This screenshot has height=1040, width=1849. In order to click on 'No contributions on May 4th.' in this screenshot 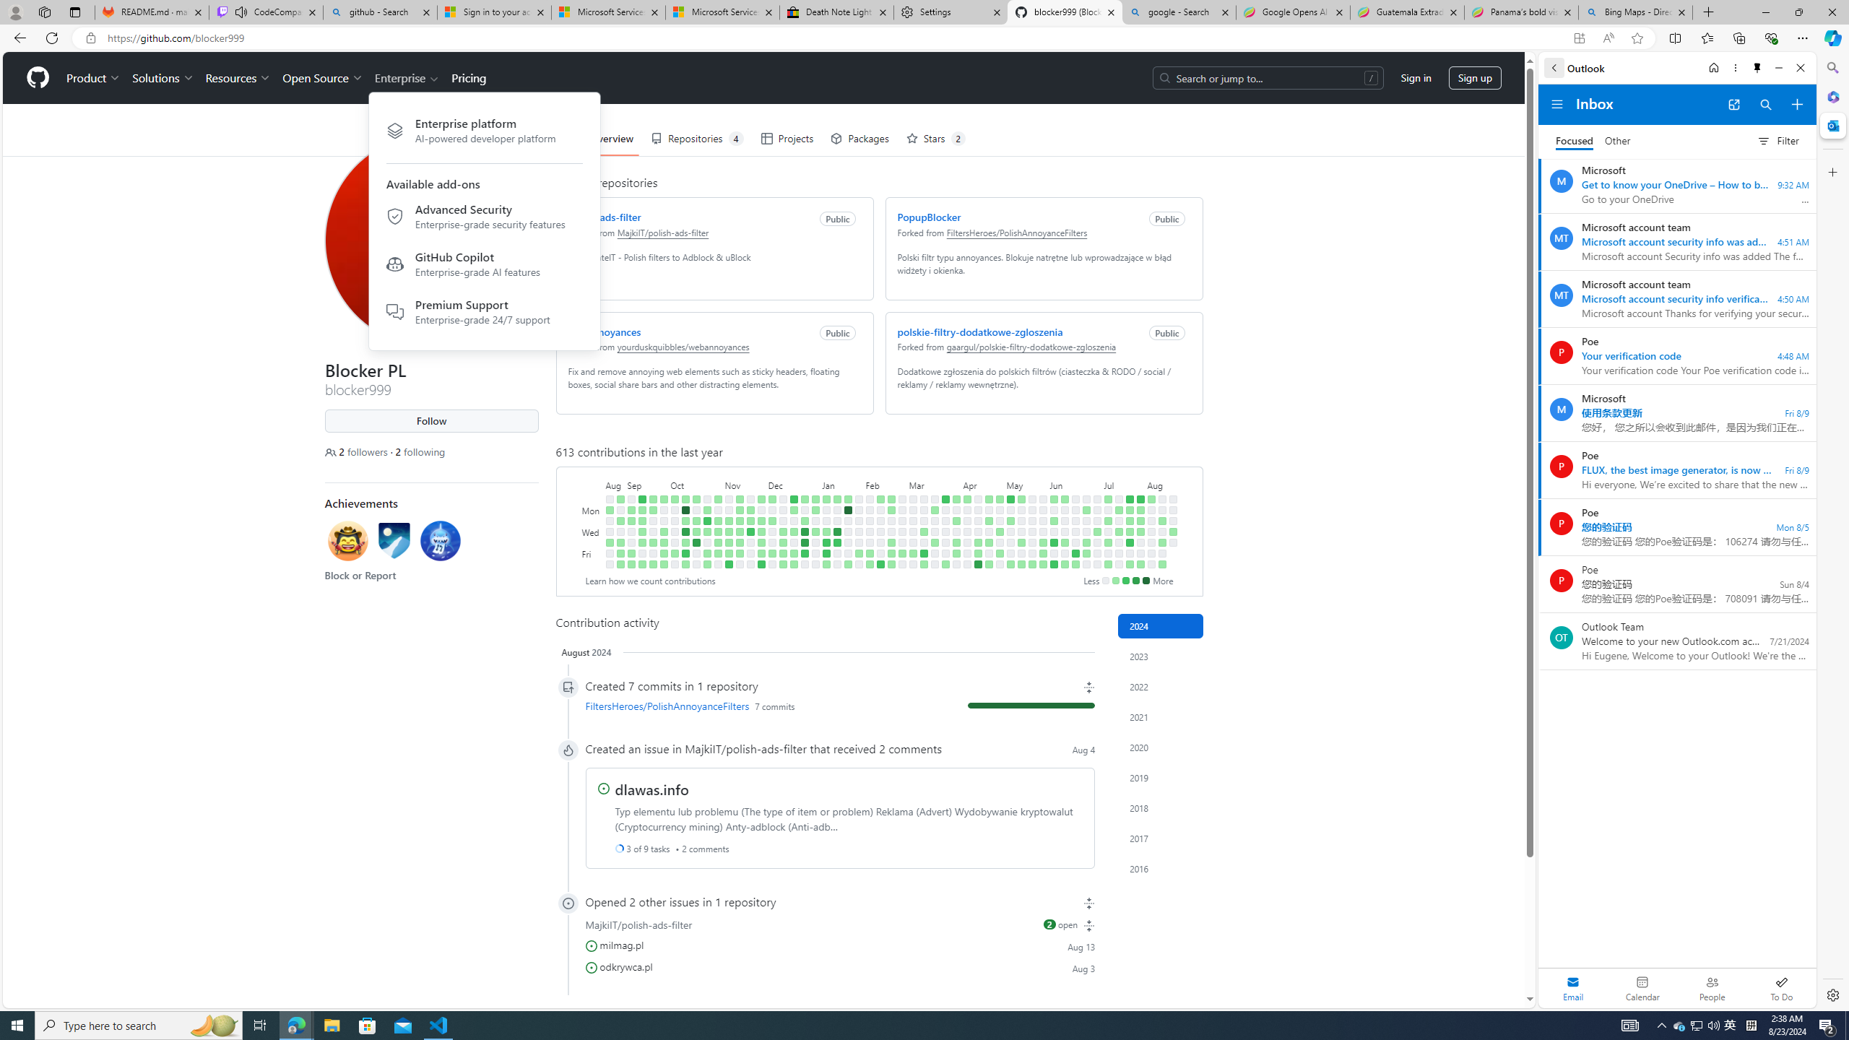, I will do `click(998, 564)`.